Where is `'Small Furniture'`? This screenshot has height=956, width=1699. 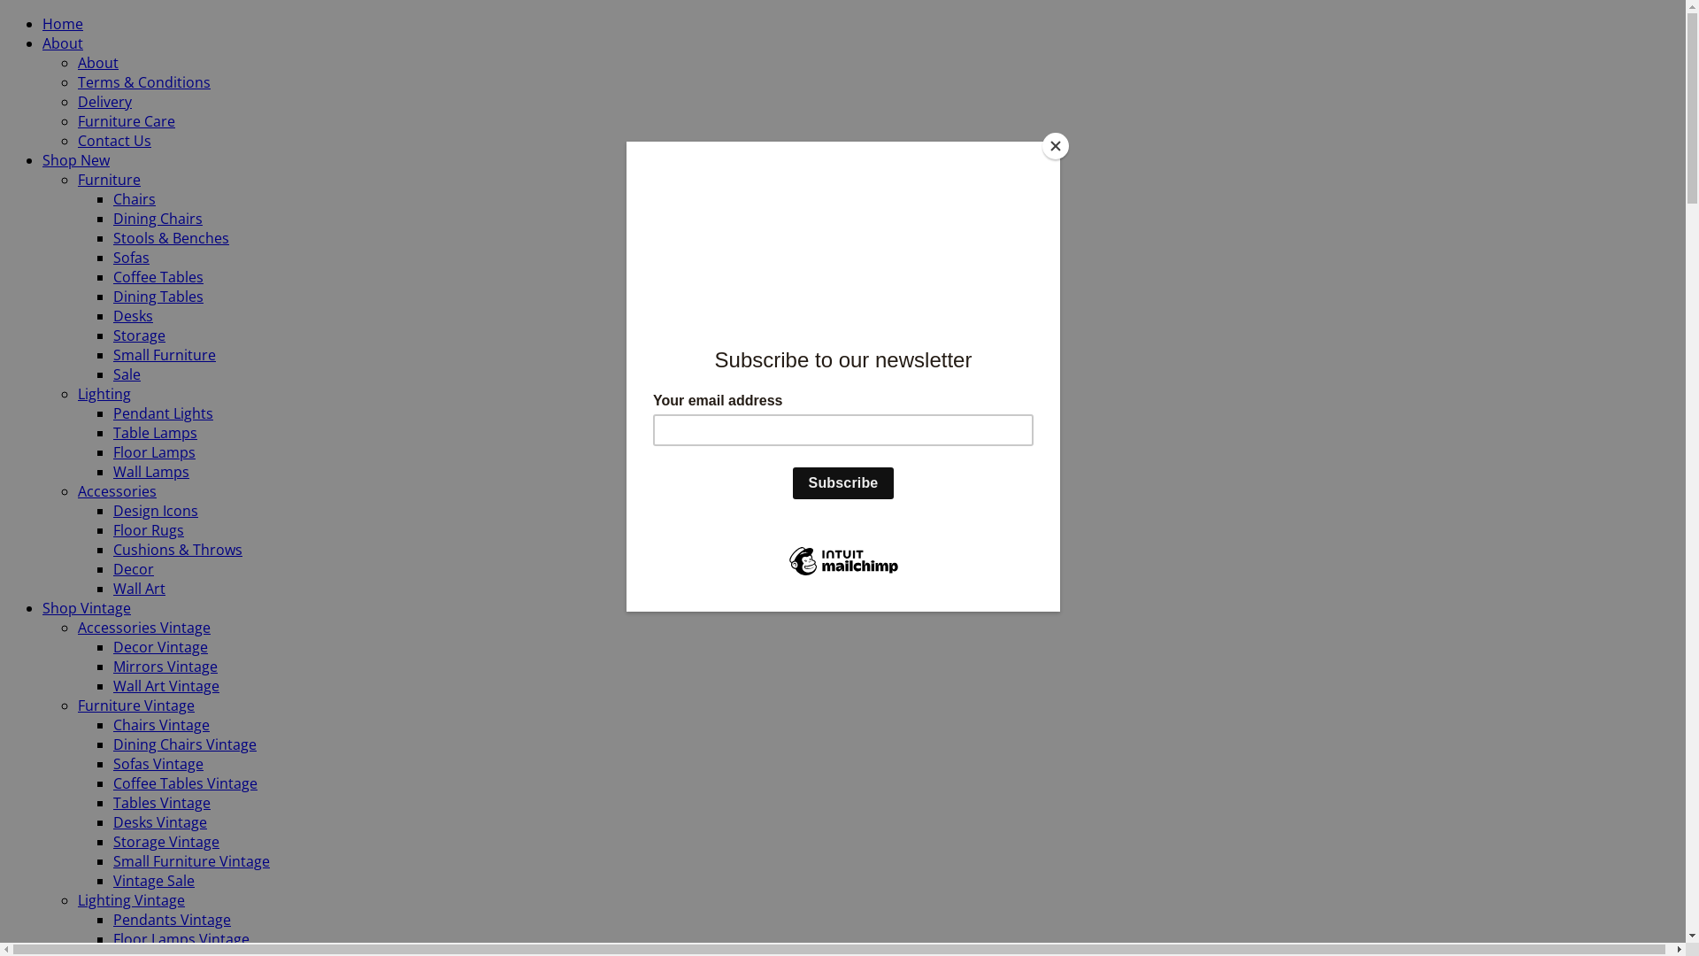 'Small Furniture' is located at coordinates (165, 355).